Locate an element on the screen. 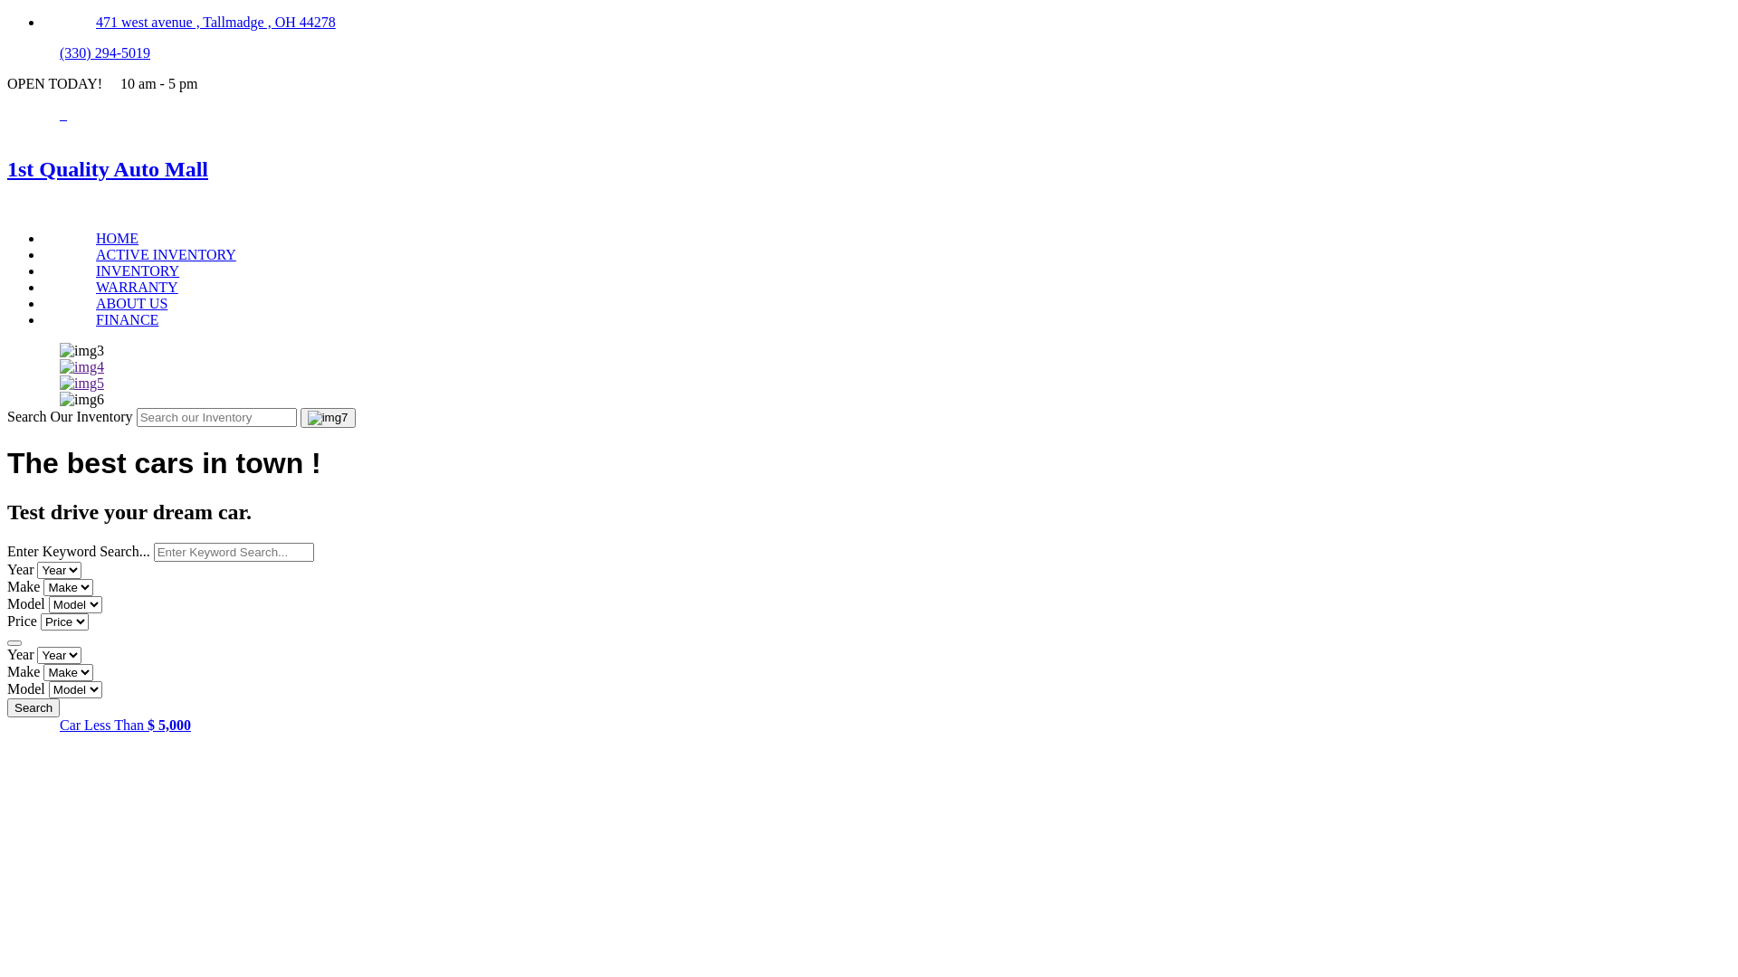 Image resolution: width=1738 pixels, height=977 pixels. '(330) 294-5019' is located at coordinates (103, 52).